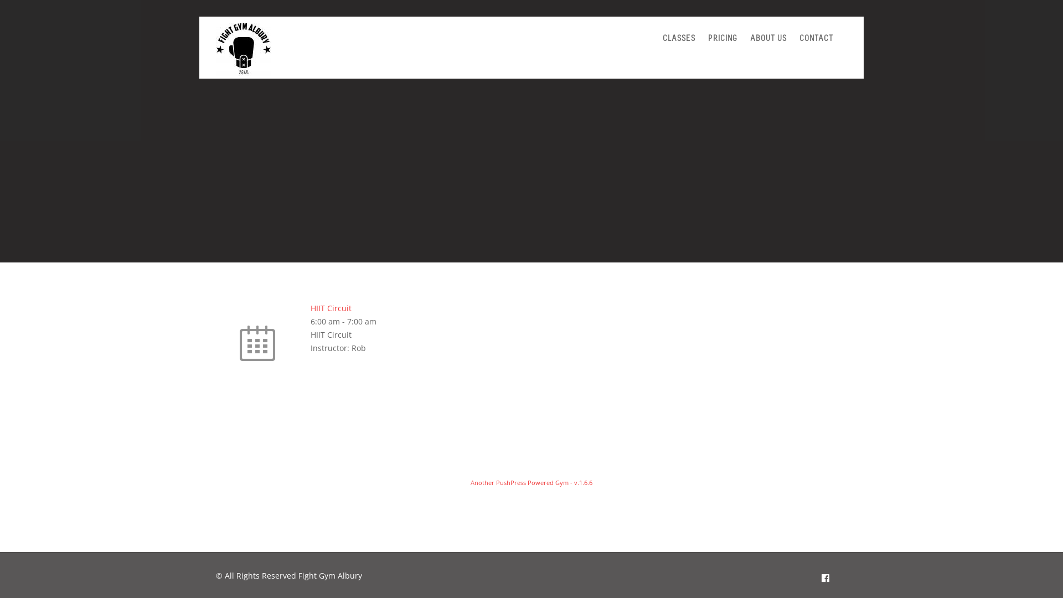 Image resolution: width=1063 pixels, height=598 pixels. Describe the element at coordinates (723, 38) in the screenshot. I see `'PRICING'` at that location.